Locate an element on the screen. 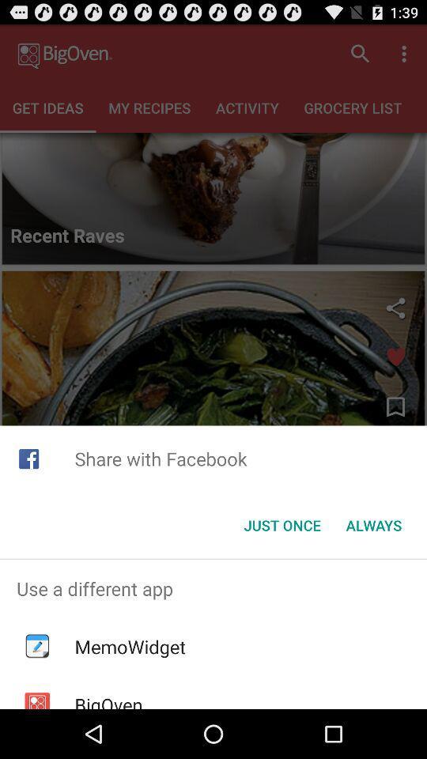 The image size is (427, 759). bigoven is located at coordinates (108, 700).